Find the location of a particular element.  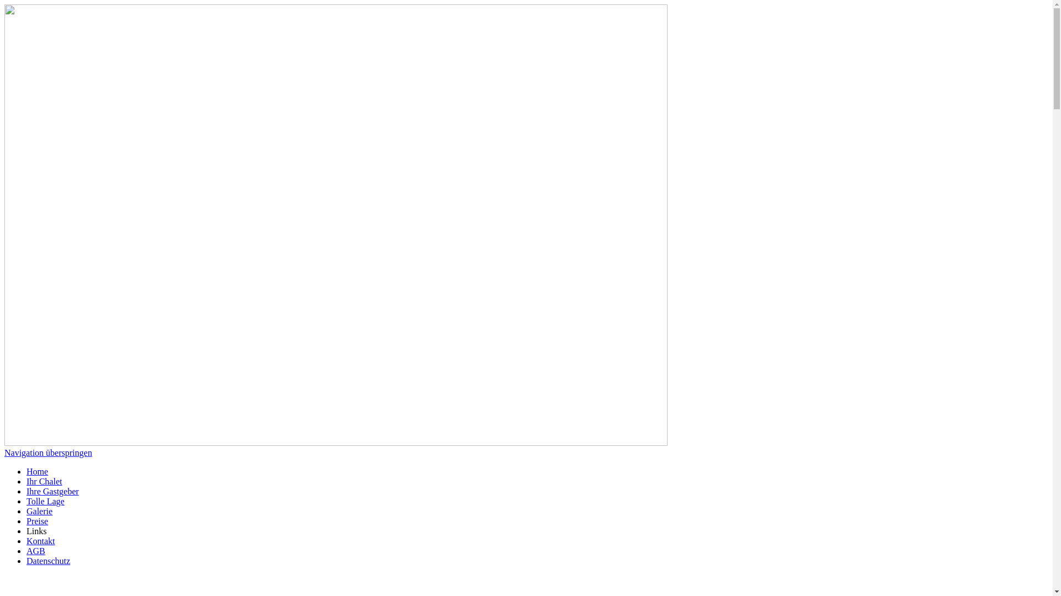

'Datenschutz' is located at coordinates (48, 561).